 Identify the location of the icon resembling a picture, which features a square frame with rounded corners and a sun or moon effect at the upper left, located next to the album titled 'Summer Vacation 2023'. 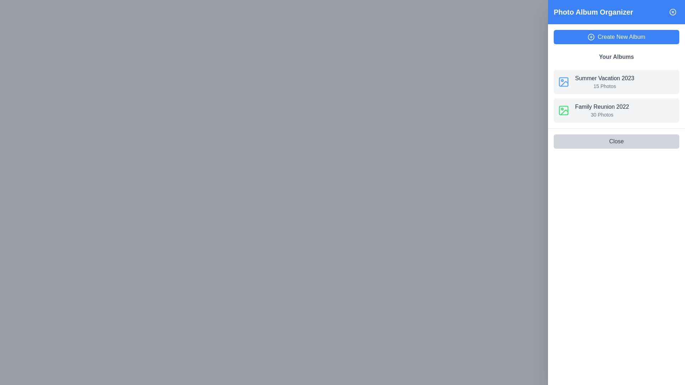
(563, 82).